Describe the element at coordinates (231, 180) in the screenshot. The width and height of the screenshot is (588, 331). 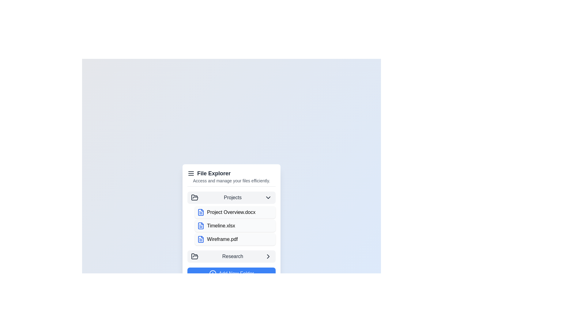
I see `the text in the description area of the File Explorer component` at that location.